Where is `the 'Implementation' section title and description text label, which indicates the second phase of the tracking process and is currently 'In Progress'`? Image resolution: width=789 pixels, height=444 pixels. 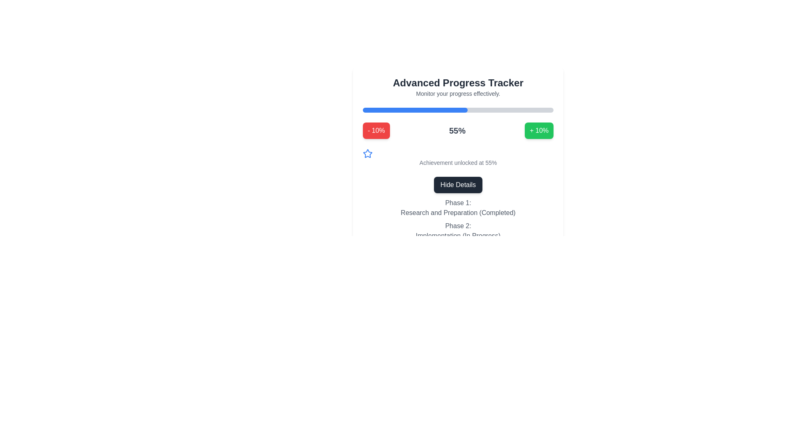
the 'Implementation' section title and description text label, which indicates the second phase of the tracking process and is currently 'In Progress' is located at coordinates (457, 231).